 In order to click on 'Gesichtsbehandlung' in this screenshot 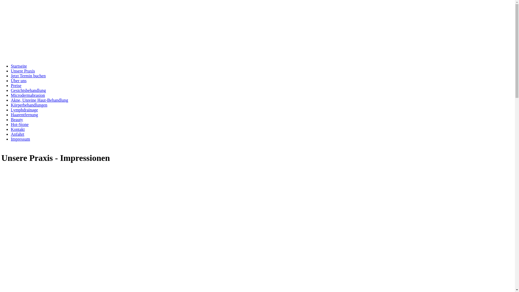, I will do `click(11, 90)`.